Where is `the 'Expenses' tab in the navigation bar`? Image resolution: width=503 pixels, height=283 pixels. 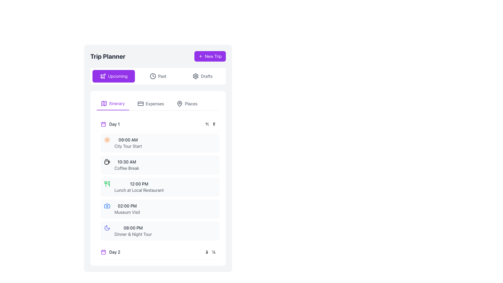 the 'Expenses' tab in the navigation bar is located at coordinates (150, 104).